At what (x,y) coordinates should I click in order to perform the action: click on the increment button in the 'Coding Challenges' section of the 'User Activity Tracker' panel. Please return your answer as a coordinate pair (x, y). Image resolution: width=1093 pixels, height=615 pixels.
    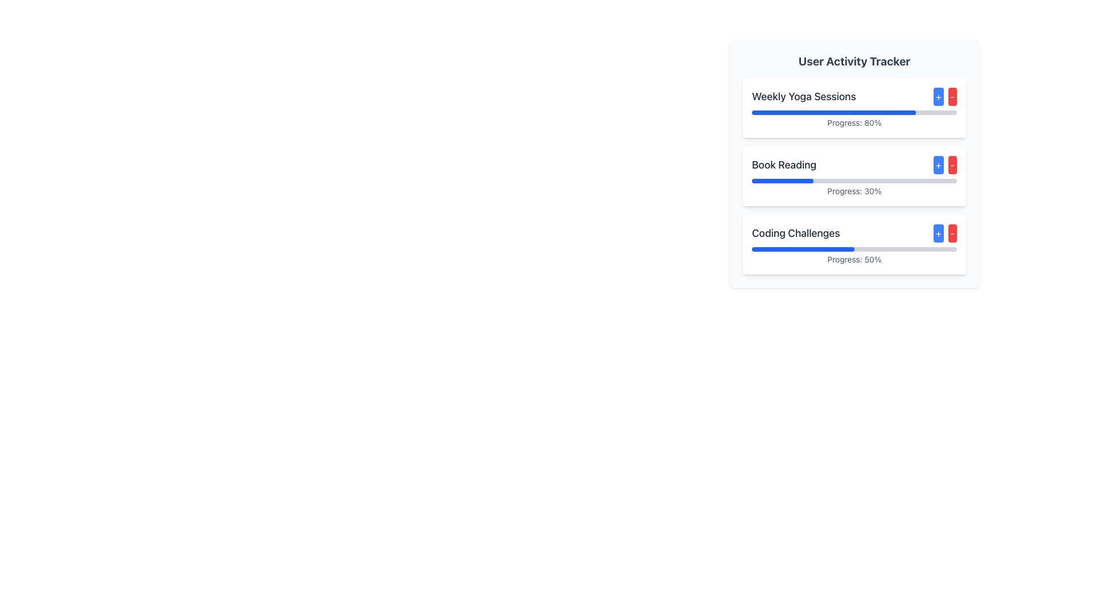
    Looking at the image, I should click on (938, 232).